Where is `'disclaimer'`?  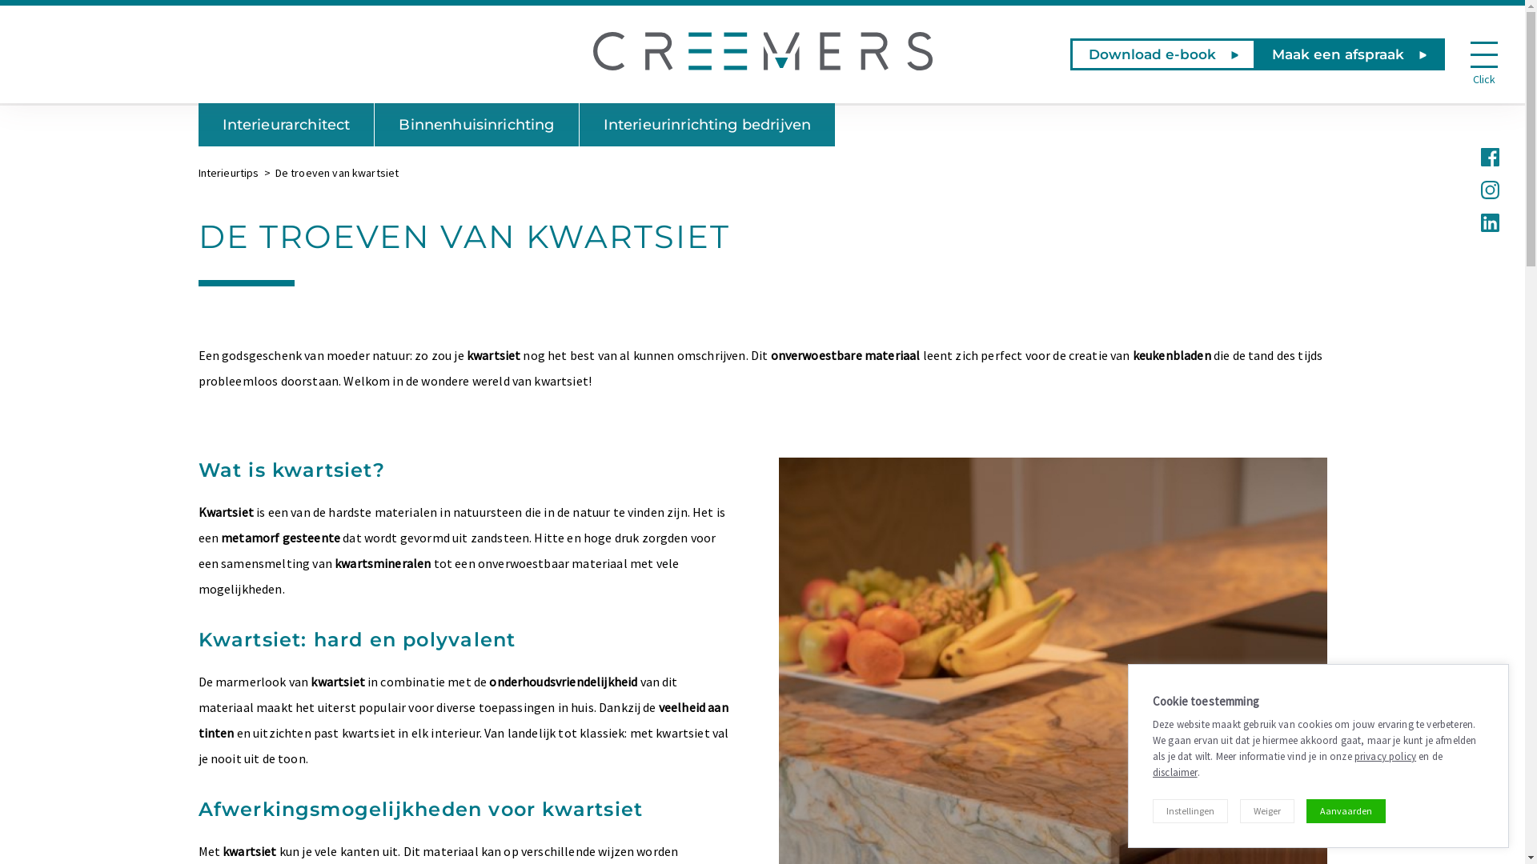 'disclaimer' is located at coordinates (1175, 771).